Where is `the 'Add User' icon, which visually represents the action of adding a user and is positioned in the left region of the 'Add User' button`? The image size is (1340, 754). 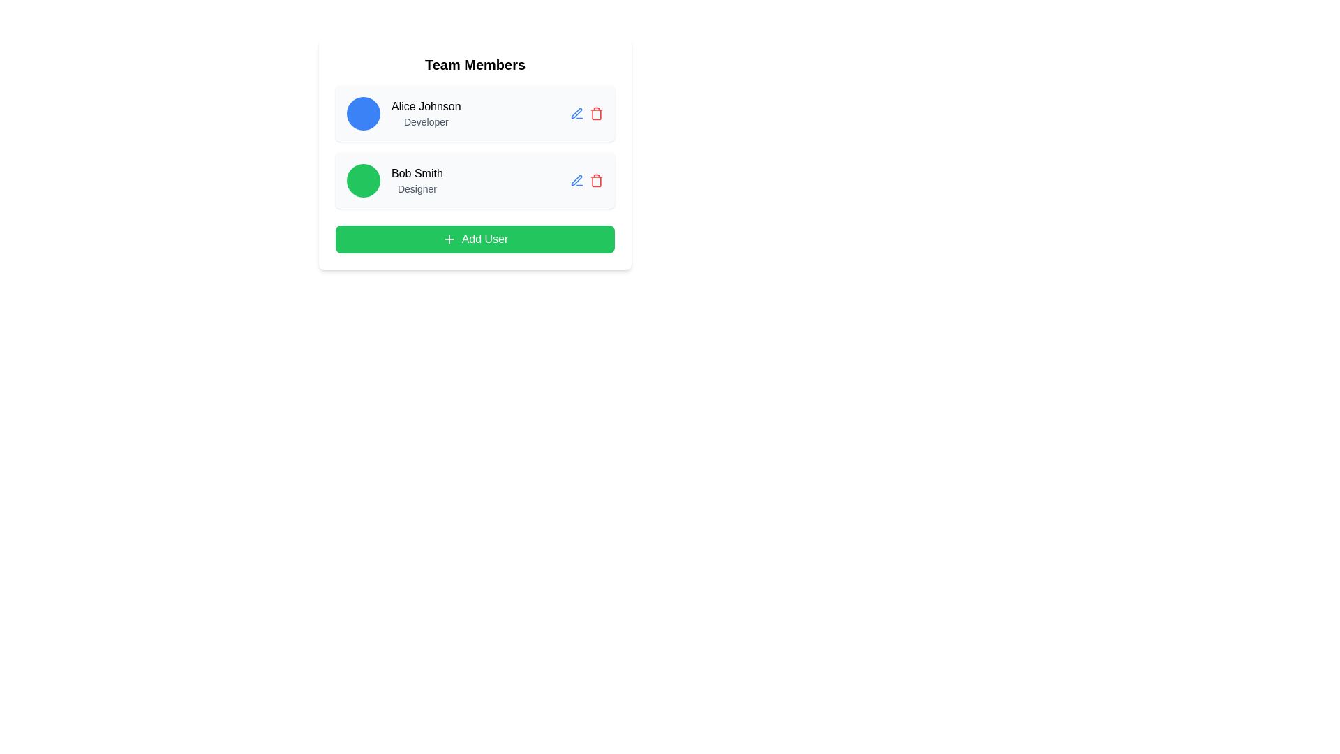
the 'Add User' icon, which visually represents the action of adding a user and is positioned in the left region of the 'Add User' button is located at coordinates (449, 239).